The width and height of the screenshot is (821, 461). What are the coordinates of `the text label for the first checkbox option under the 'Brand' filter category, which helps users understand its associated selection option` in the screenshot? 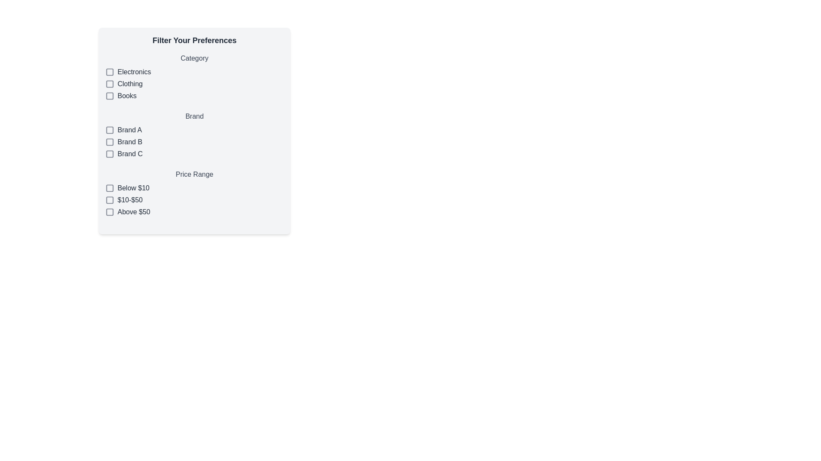 It's located at (129, 130).